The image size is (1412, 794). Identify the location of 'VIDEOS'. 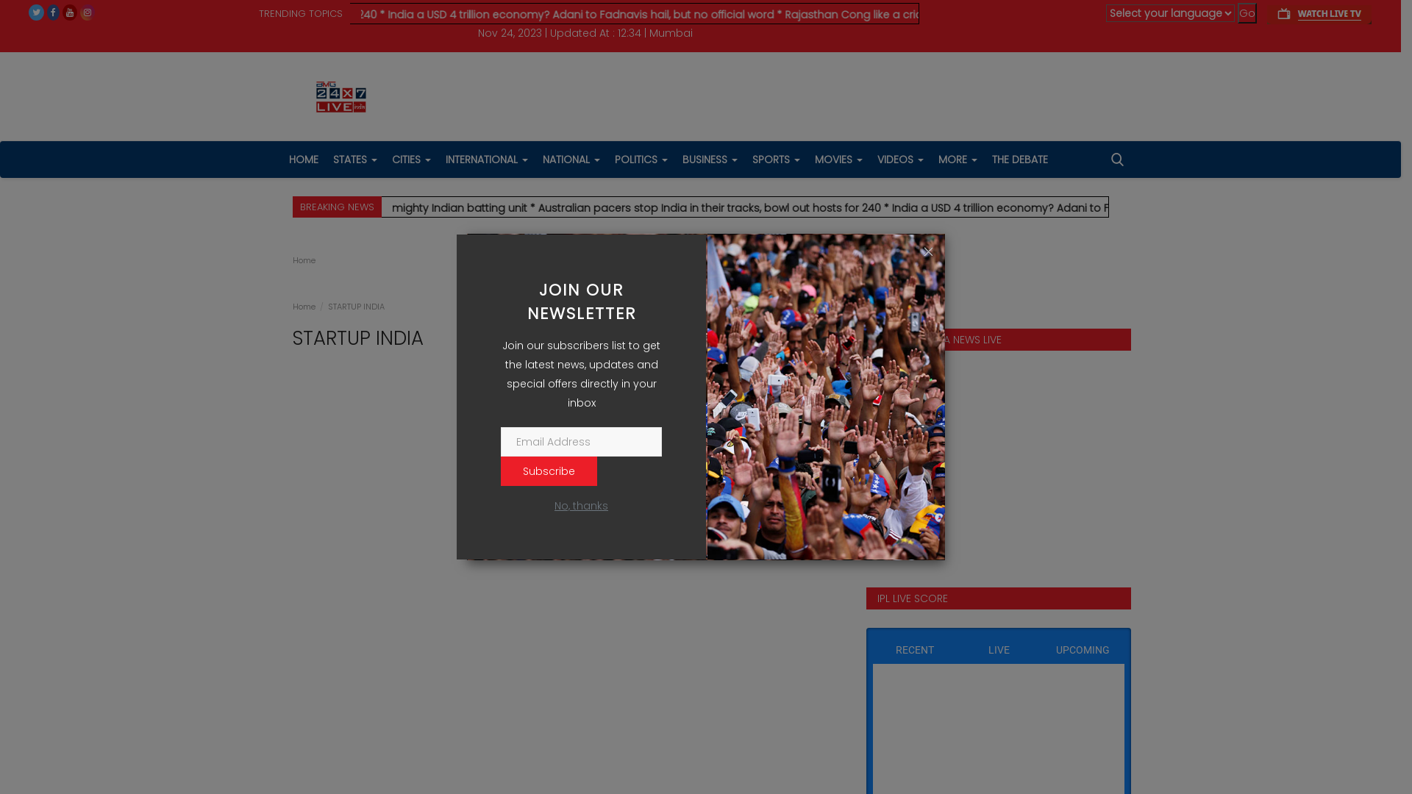
(869, 159).